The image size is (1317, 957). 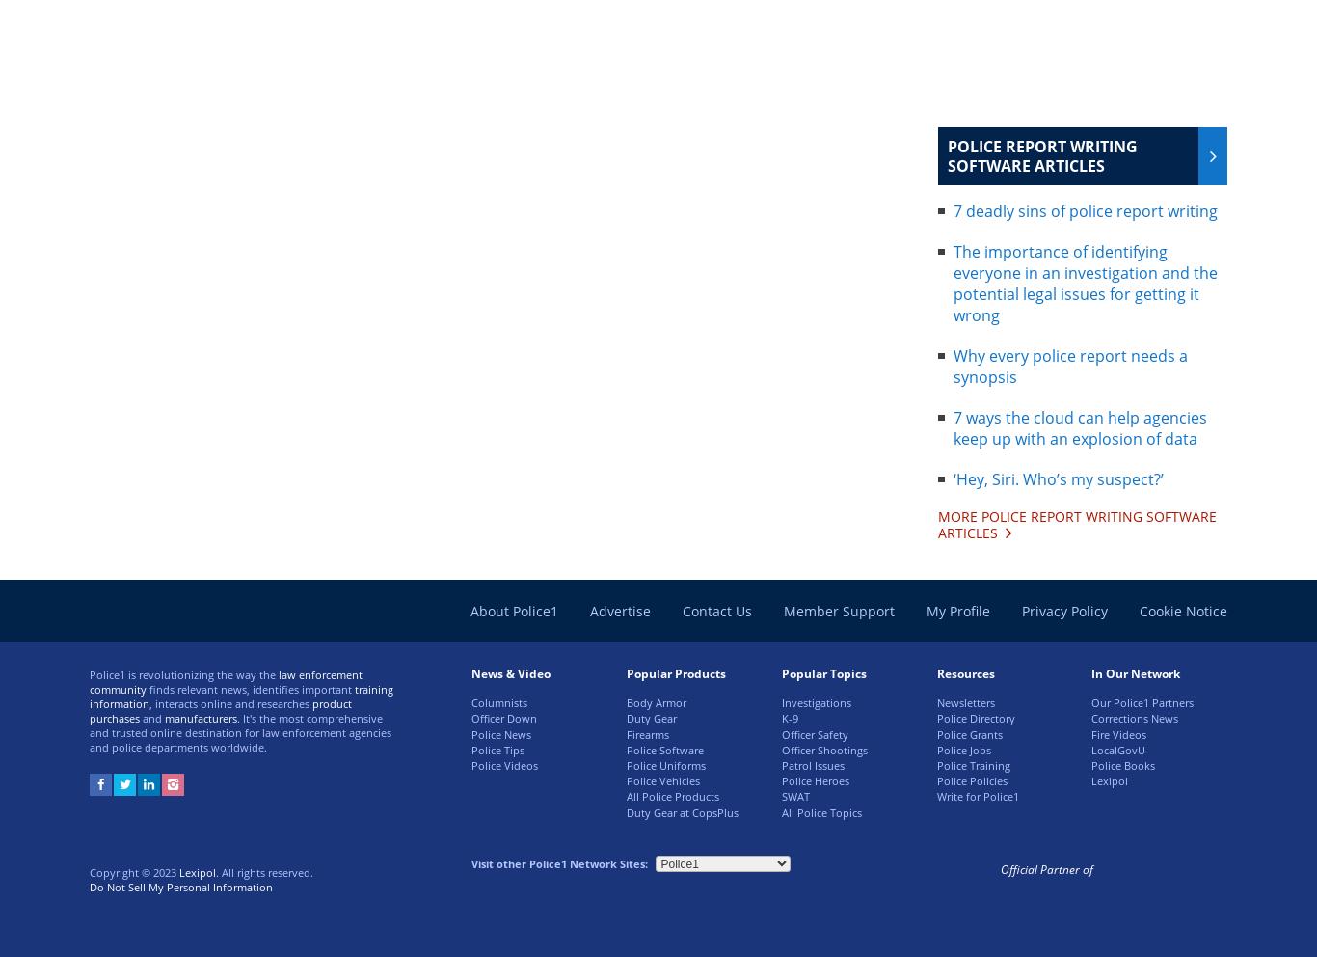 I want to click on 'Officer Safety', so click(x=813, y=732).